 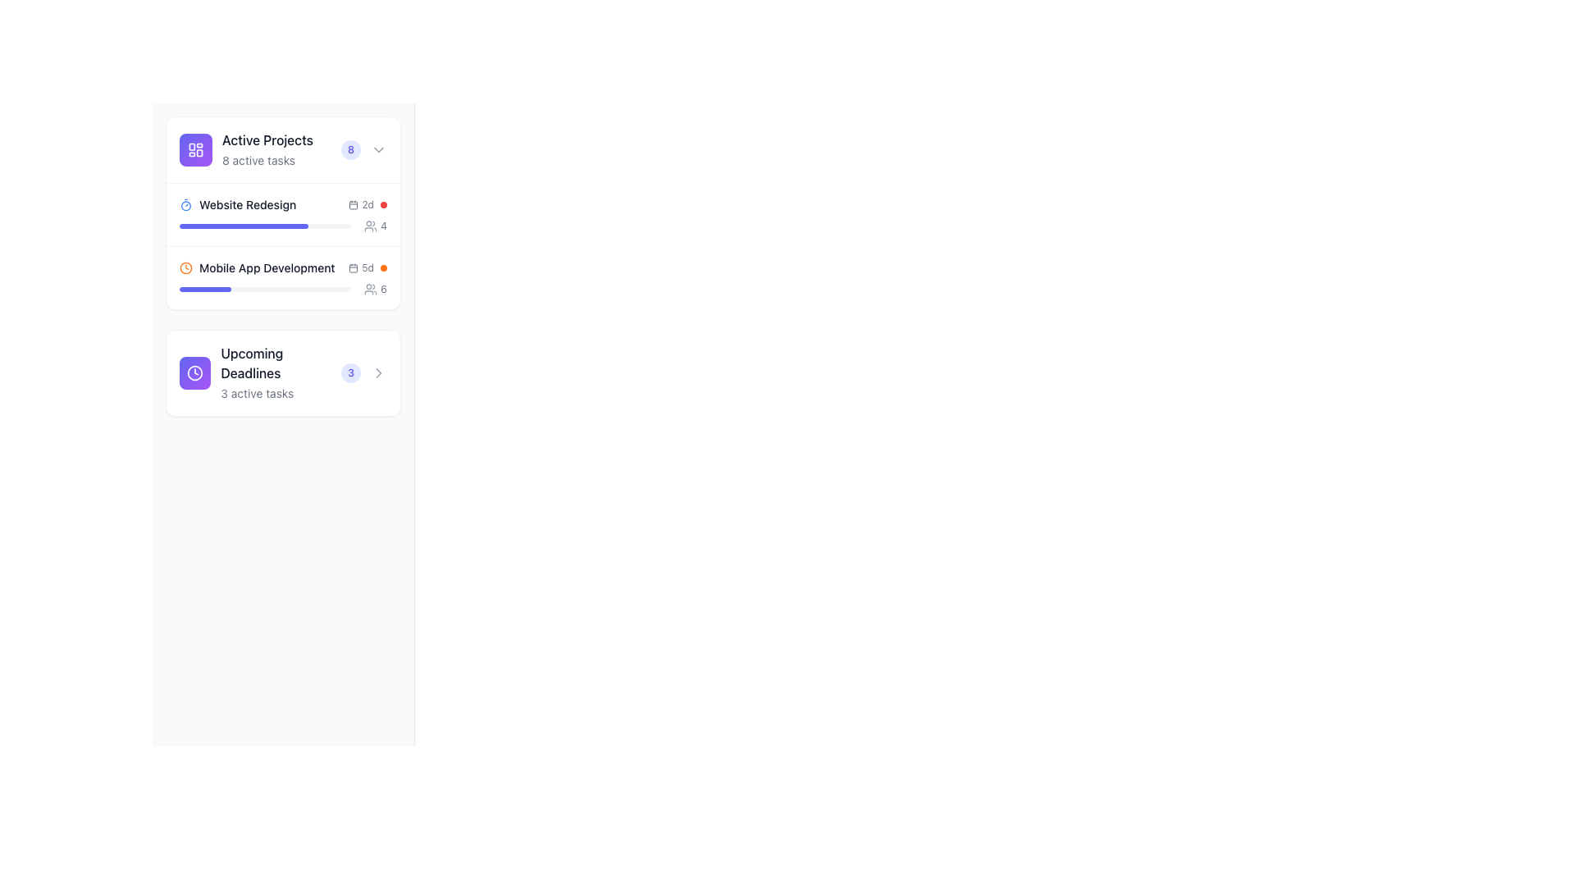 What do you see at coordinates (237, 204) in the screenshot?
I see `the 'Website Redesign' text display with a blue circular timer icon` at bounding box center [237, 204].